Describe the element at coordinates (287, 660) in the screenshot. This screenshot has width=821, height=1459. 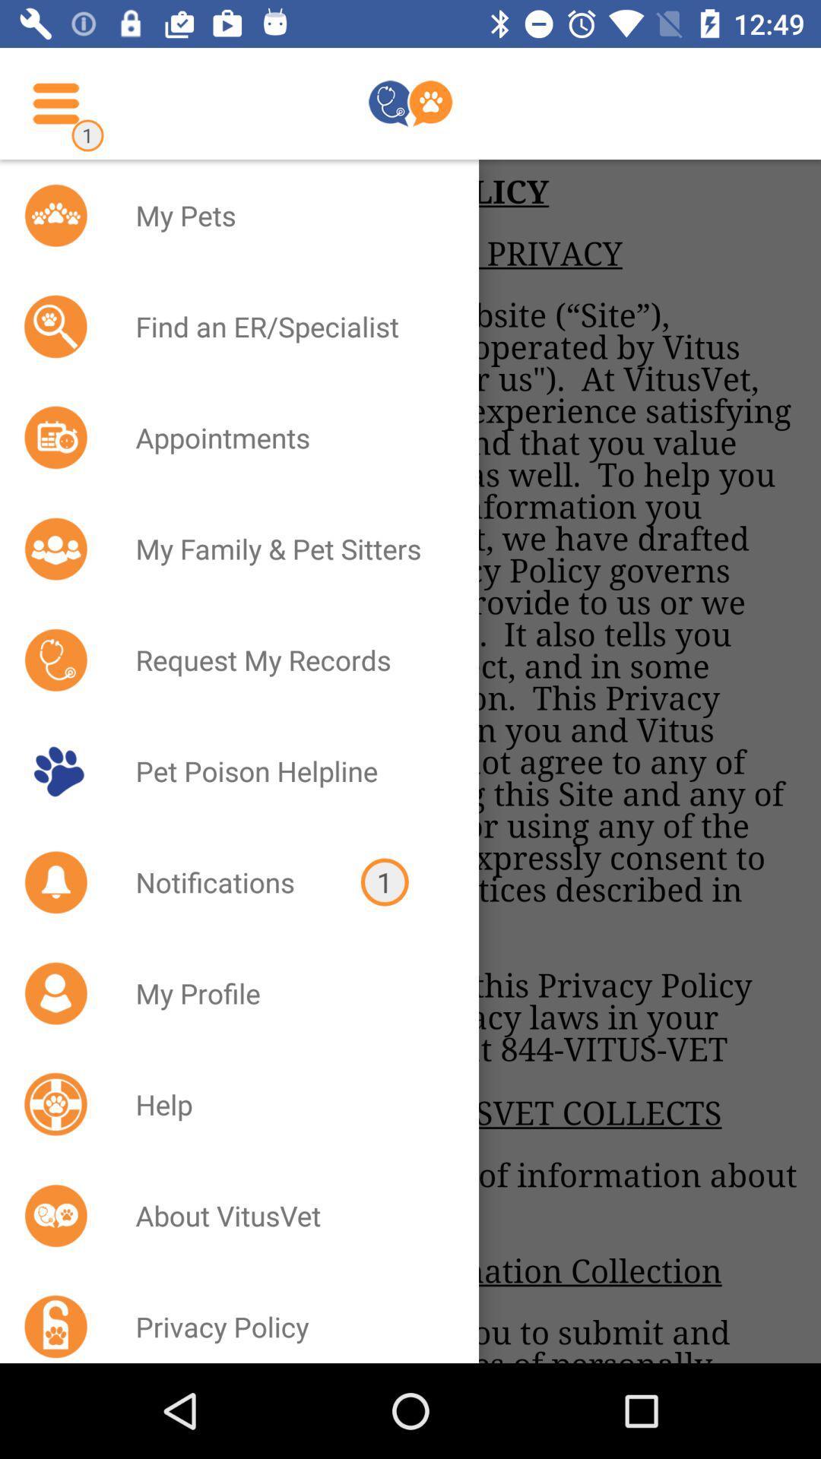
I see `the request my records icon` at that location.